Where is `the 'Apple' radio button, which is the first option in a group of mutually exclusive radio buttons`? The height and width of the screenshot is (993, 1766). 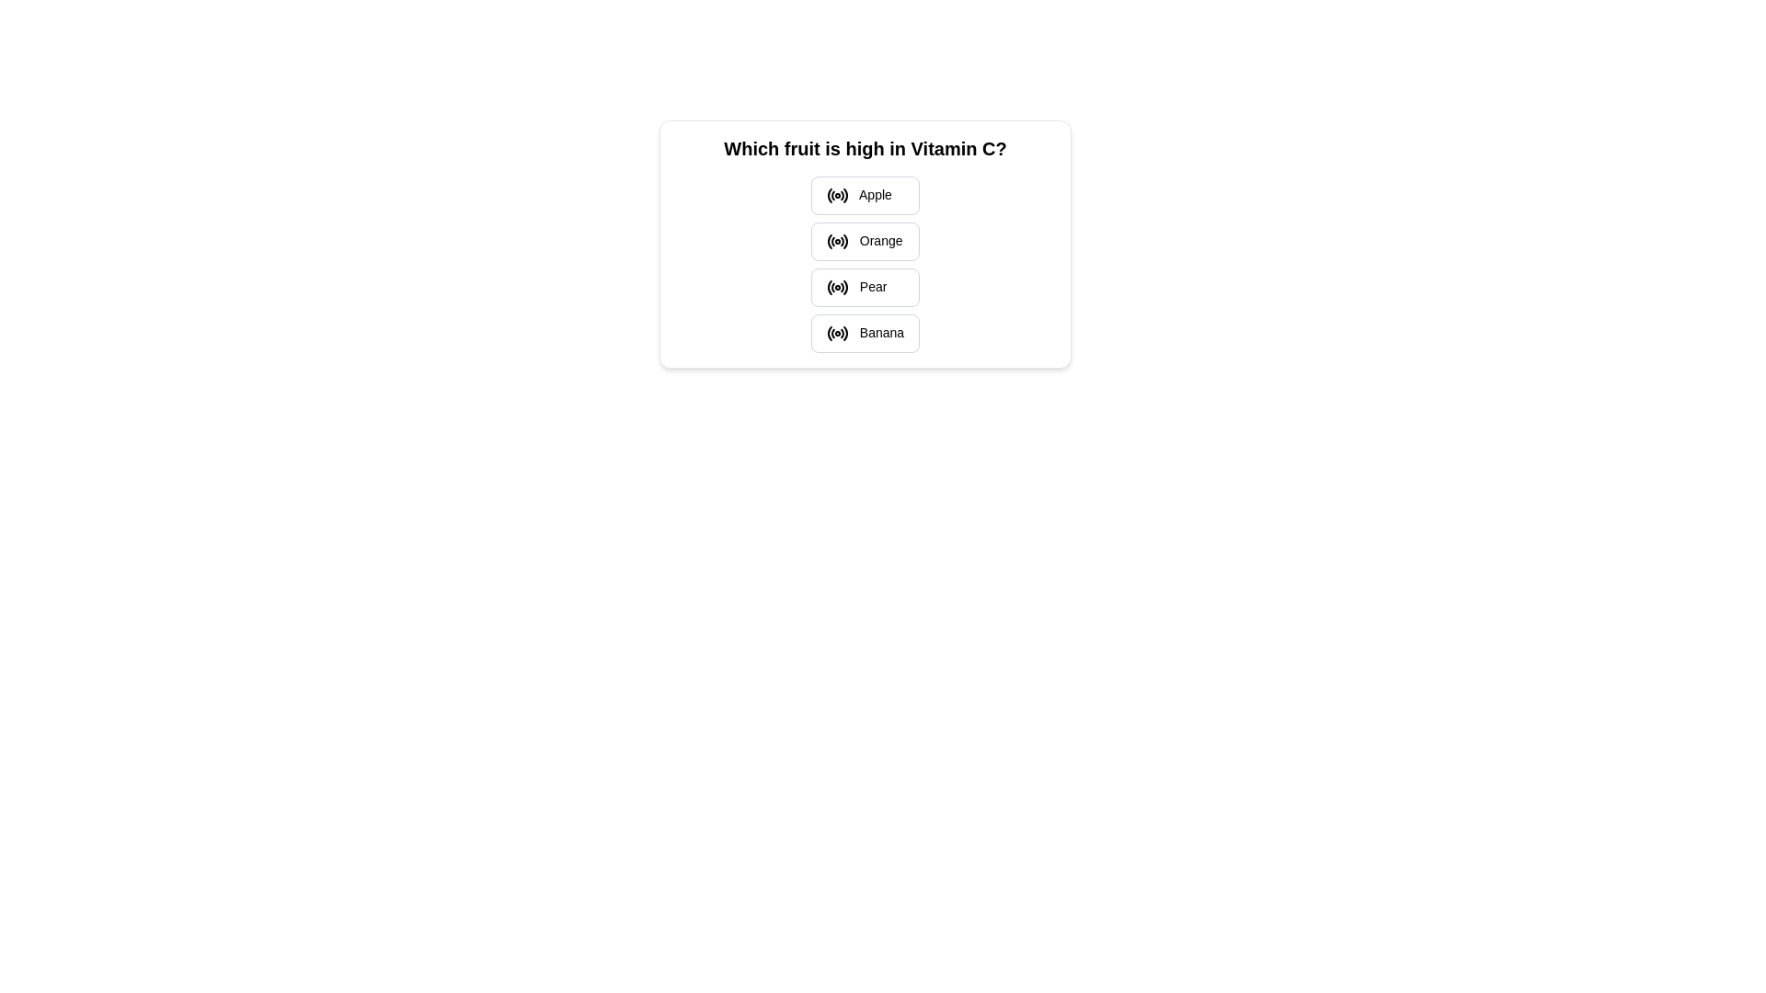 the 'Apple' radio button, which is the first option in a group of mutually exclusive radio buttons is located at coordinates (836, 195).